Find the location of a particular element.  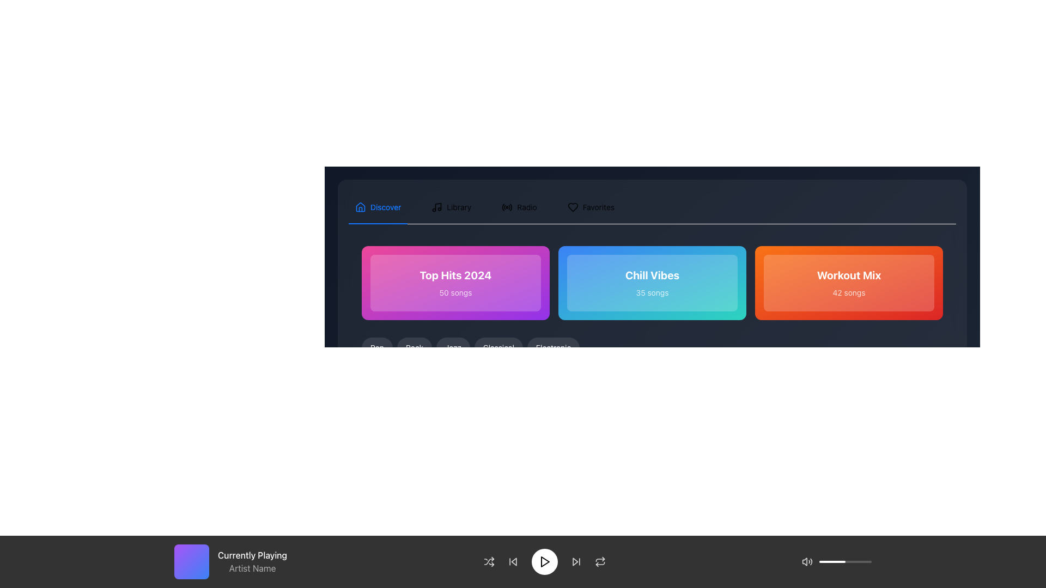

the 'Discover' tab in the horizontal tab navigation bar is located at coordinates (484, 207).